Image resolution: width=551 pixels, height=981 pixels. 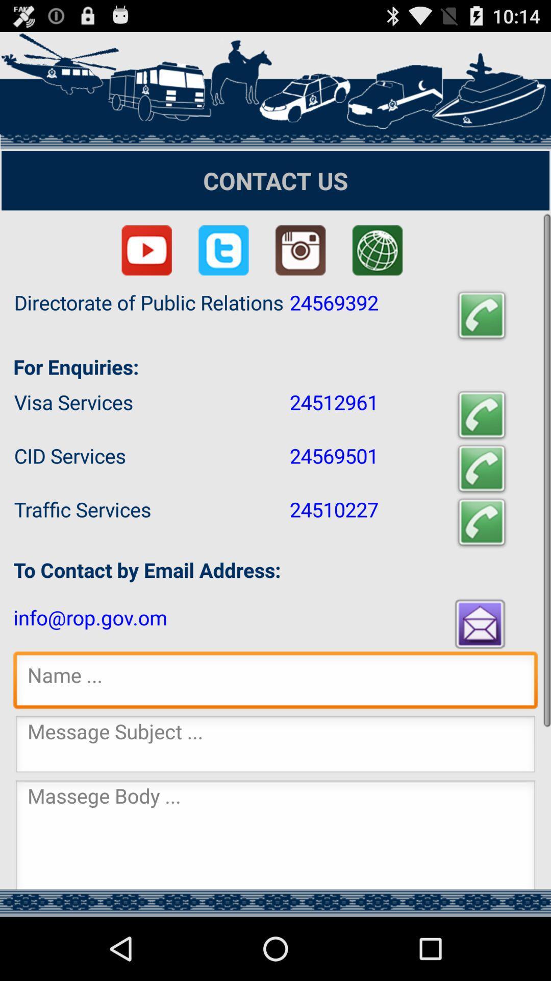 I want to click on icon above the 24569501 item, so click(x=482, y=415).